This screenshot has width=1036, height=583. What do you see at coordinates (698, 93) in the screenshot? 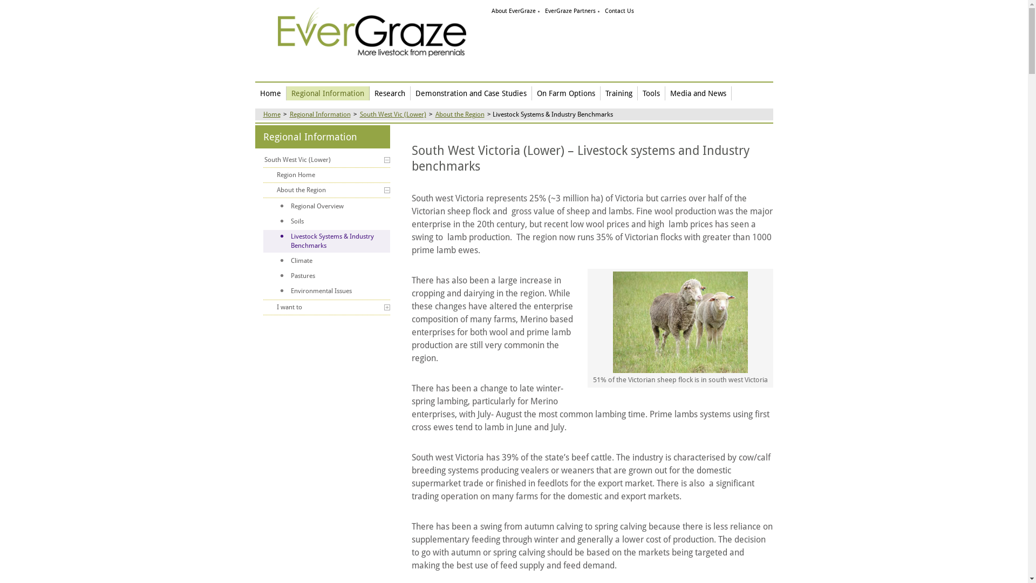
I see `'Media and News'` at bounding box center [698, 93].